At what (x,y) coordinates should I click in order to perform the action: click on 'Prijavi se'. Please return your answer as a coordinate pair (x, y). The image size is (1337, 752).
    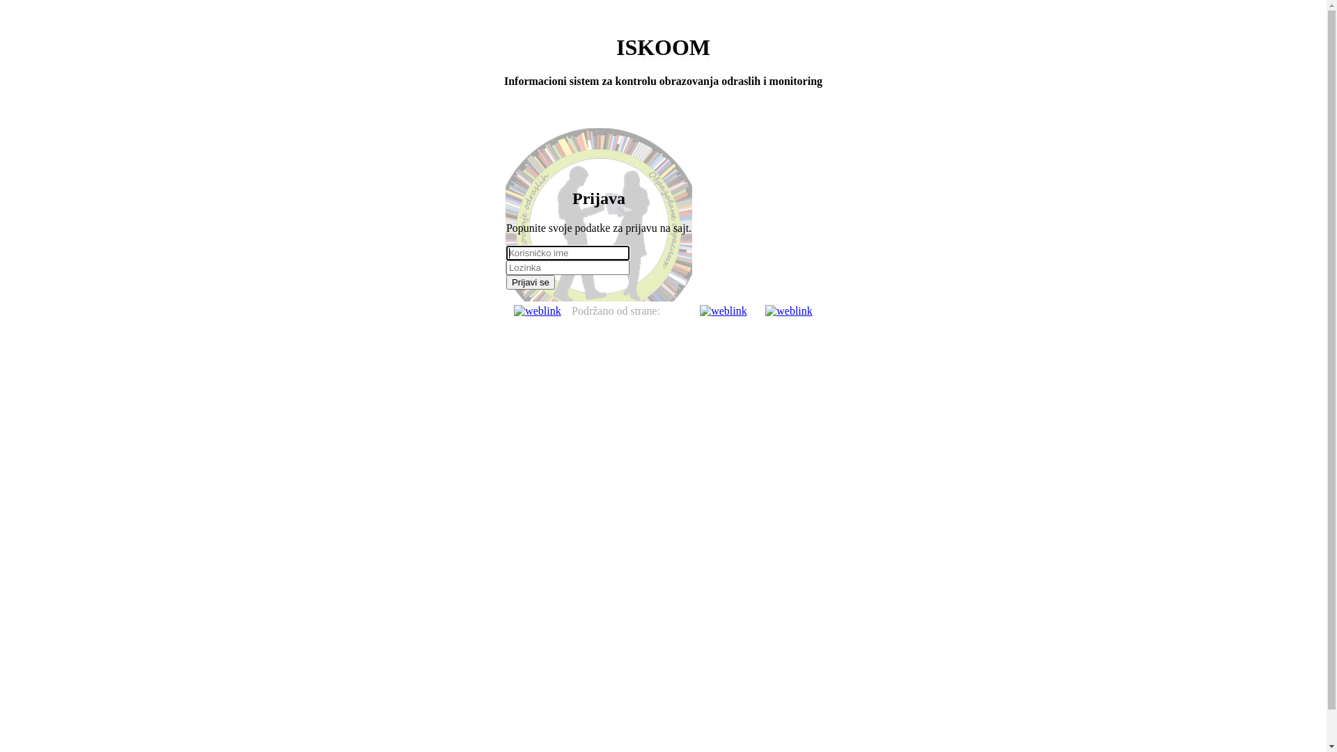
    Looking at the image, I should click on (530, 282).